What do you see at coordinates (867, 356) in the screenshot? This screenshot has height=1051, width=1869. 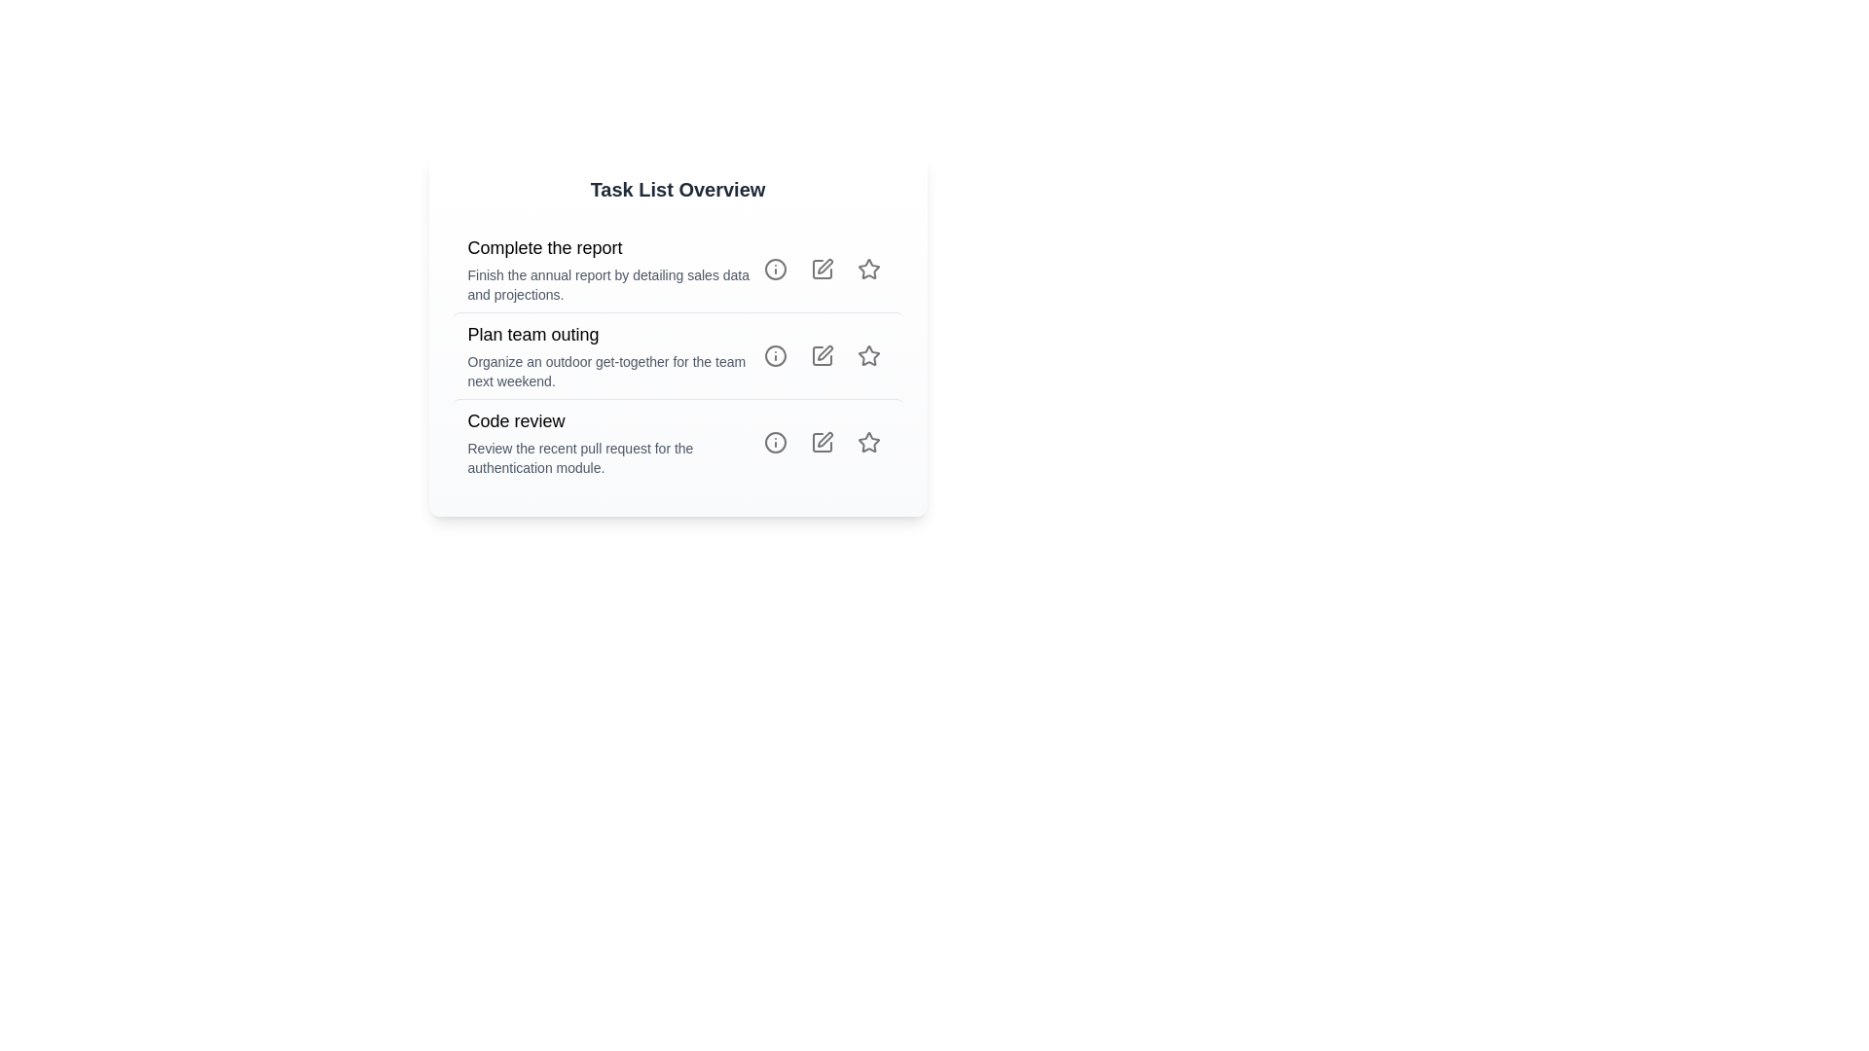 I see `the yellow-colored star icon button, which is the third button in the row of icons for 'Plan team outing'` at bounding box center [867, 356].